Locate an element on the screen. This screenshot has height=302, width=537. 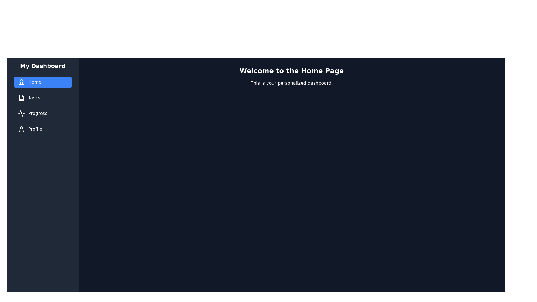
the 'Profile' text label in the sidebar menu is located at coordinates (35, 129).